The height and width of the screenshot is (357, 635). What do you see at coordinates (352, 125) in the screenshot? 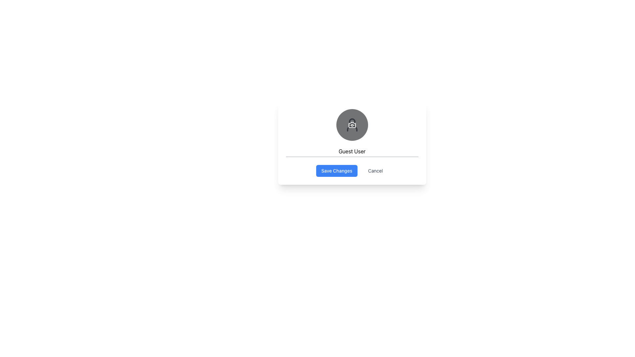
I see `the camera icon SVG graphic located in the center of the avatar section within the dialog modal, above the text 'Guest User'` at bounding box center [352, 125].